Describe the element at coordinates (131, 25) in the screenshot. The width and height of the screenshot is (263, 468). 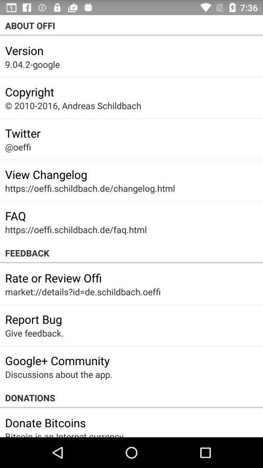
I see `the about offi` at that location.